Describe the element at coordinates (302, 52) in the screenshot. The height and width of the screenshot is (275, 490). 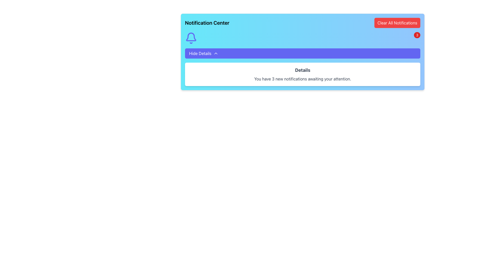
I see `the 'Hide Details' button on the notification center Composite Panel` at that location.